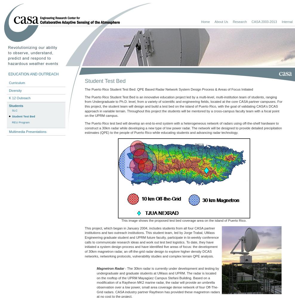  Describe the element at coordinates (151, 242) in the screenshot. I see `'This project, which began in January 2004, includes students from all four CASA partner institutions and two outreach institutions. This student team, led by Jorge Trabal, UMass Engineering graduate student and UPRM future faculty, participate in bi-weekly conference calls to communicate research ideas and work out test bed logistics. To date, they have initiated a system design process and have identified five areas of focus: the development of 30km magnetron radar, an off-the-grid radar design to explore higher density DCAS networks, networking protocols, vulnerability studies and complex terrain QPE analysis.'` at that location.